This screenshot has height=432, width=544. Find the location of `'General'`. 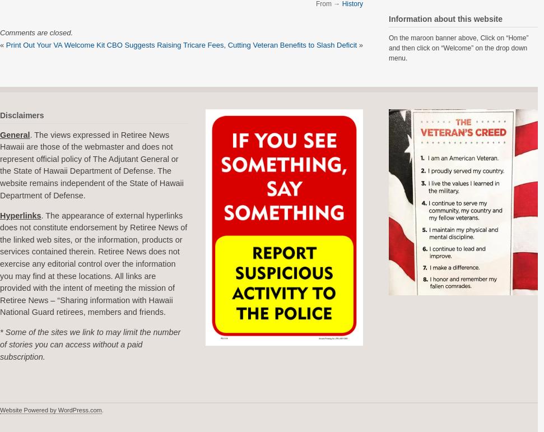

'General' is located at coordinates (15, 134).